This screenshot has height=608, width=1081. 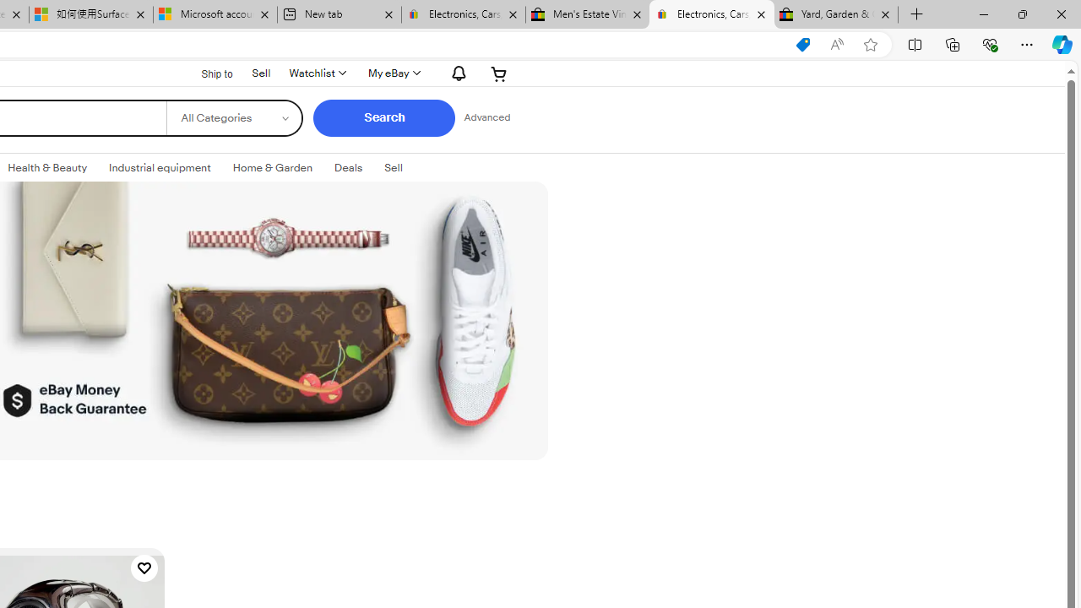 I want to click on 'Industrial equipment', so click(x=160, y=168).